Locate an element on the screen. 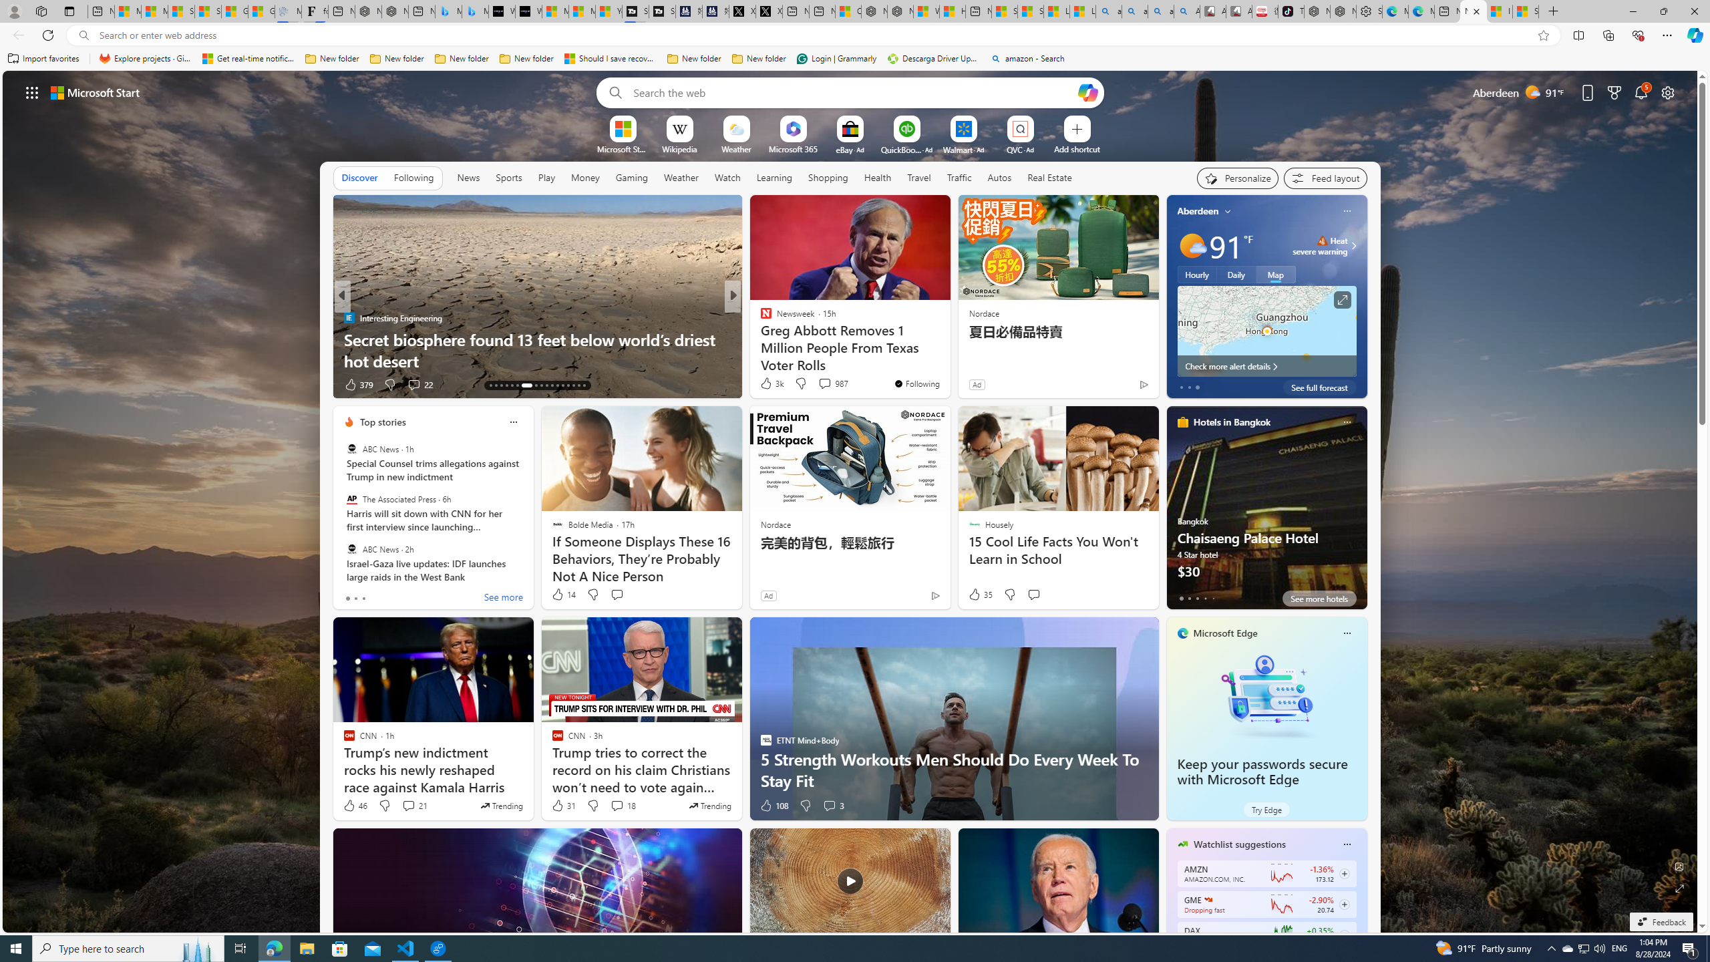 Image resolution: width=1710 pixels, height=962 pixels. 'Check more alert details' is located at coordinates (1266, 365).